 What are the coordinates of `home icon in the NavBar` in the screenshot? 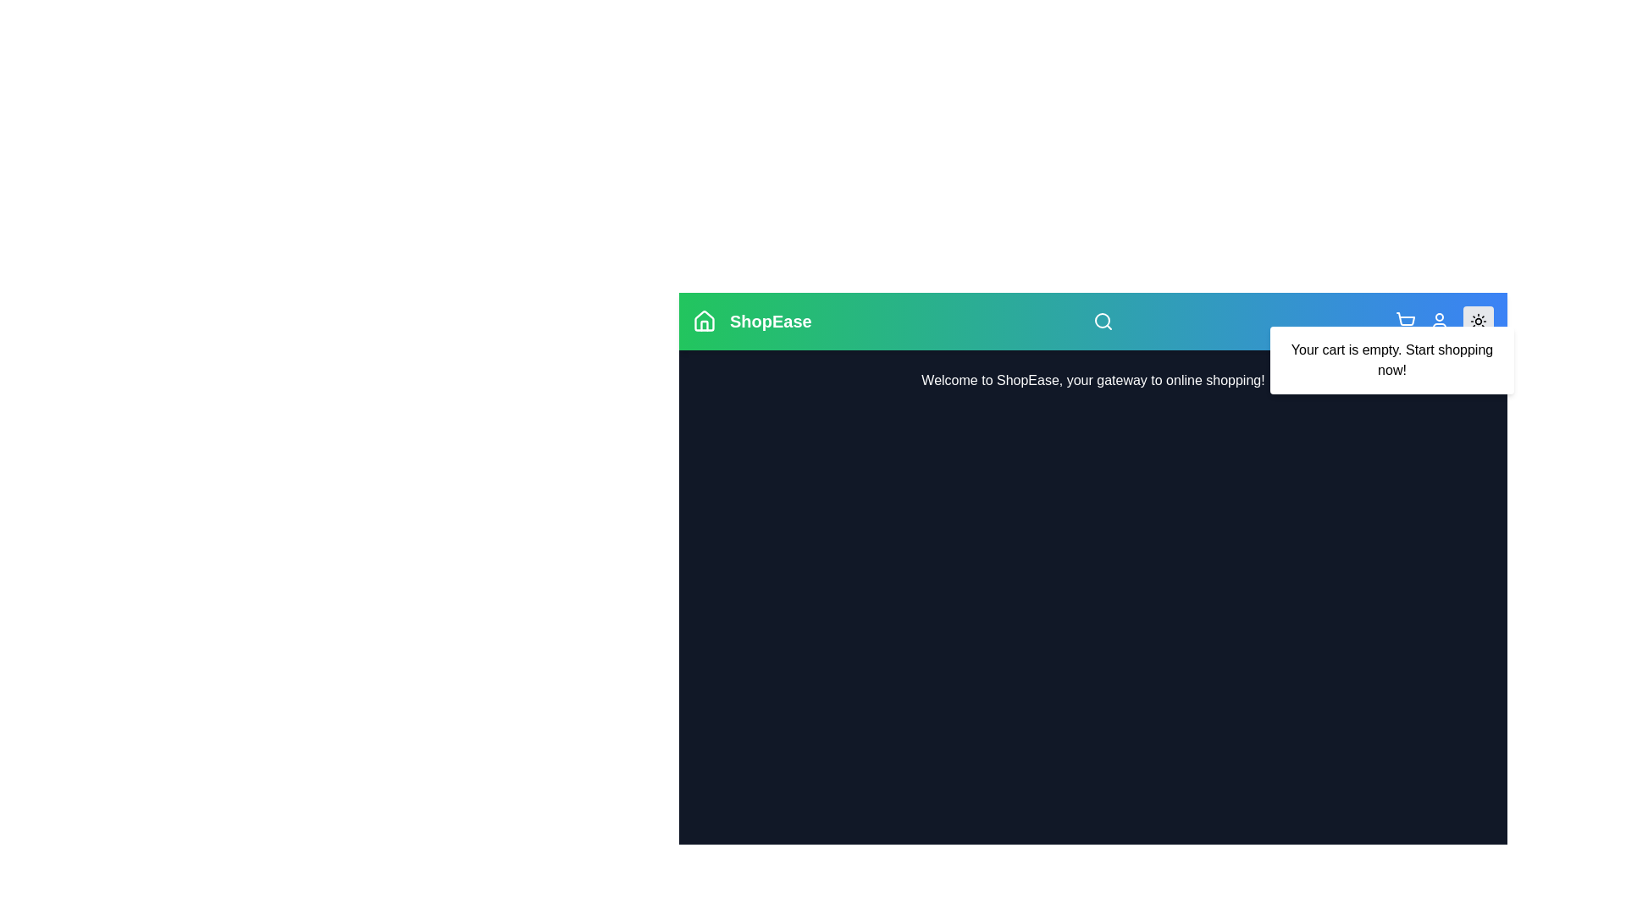 It's located at (704, 322).